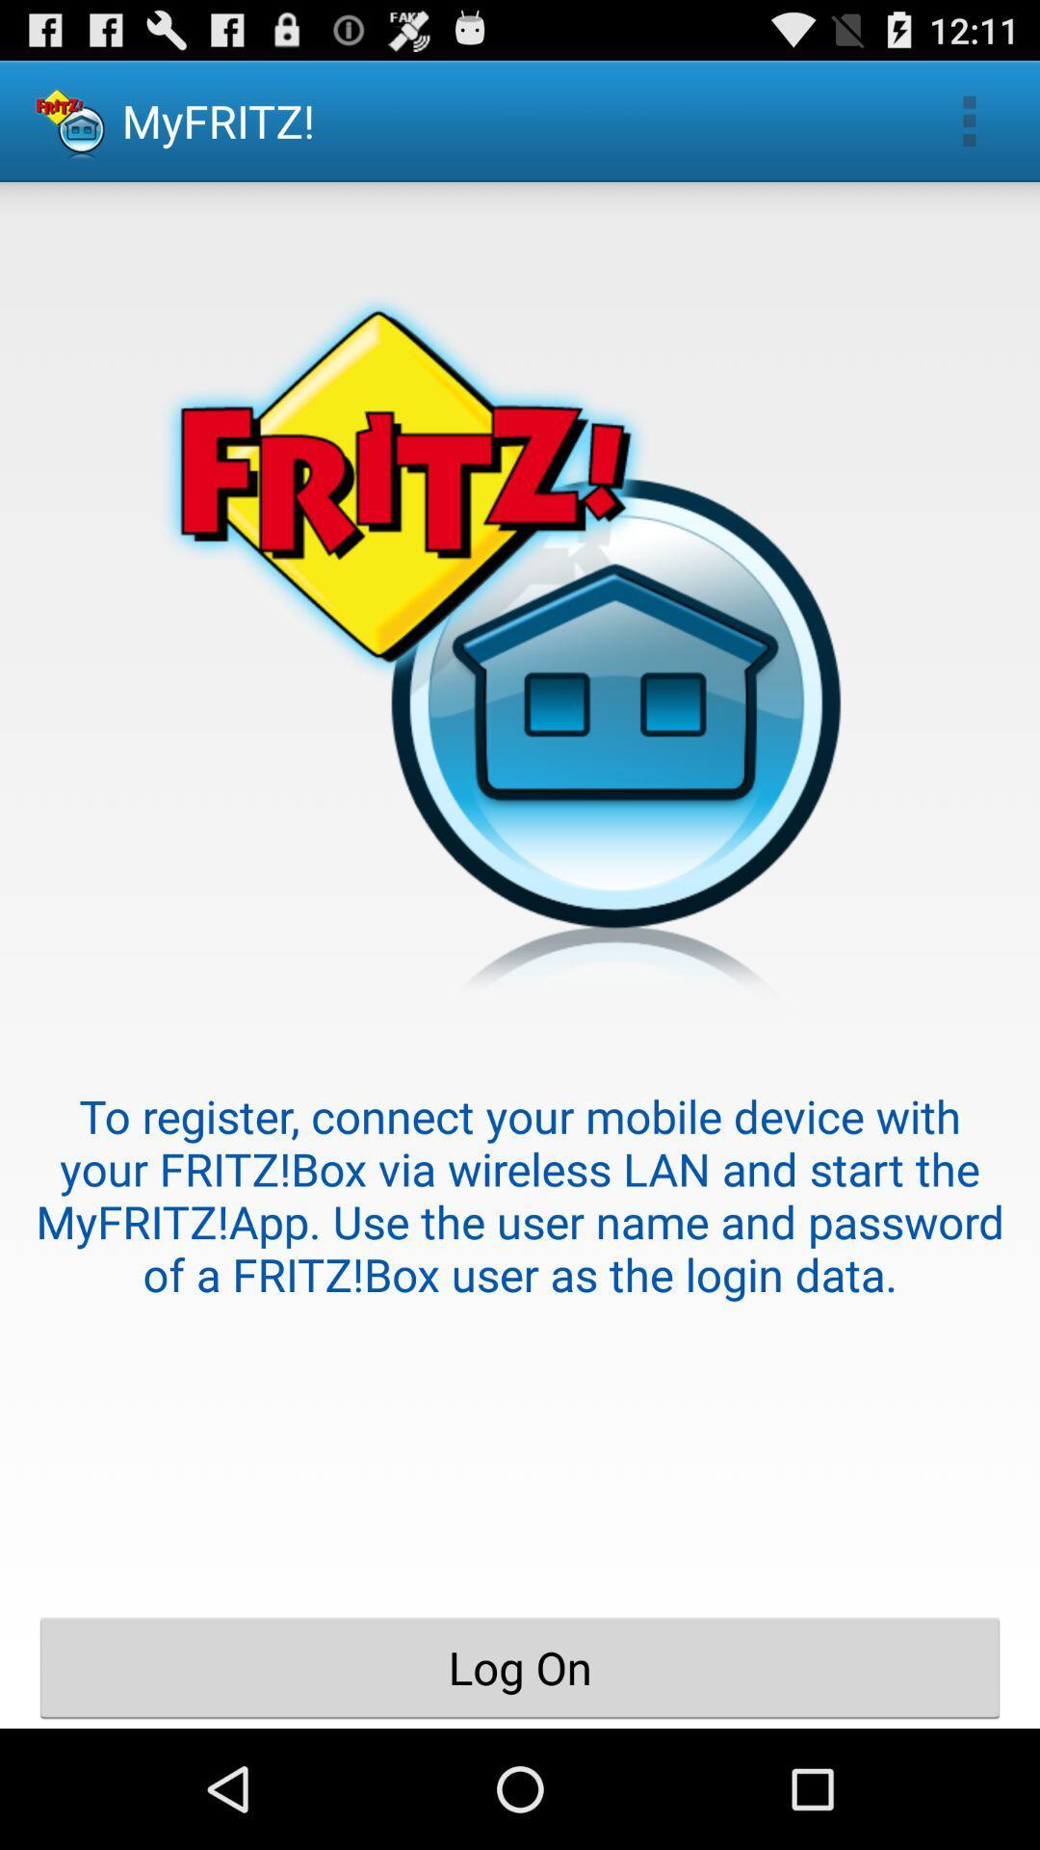 This screenshot has width=1040, height=1850. Describe the element at coordinates (520, 1667) in the screenshot. I see `app below to register connect` at that location.